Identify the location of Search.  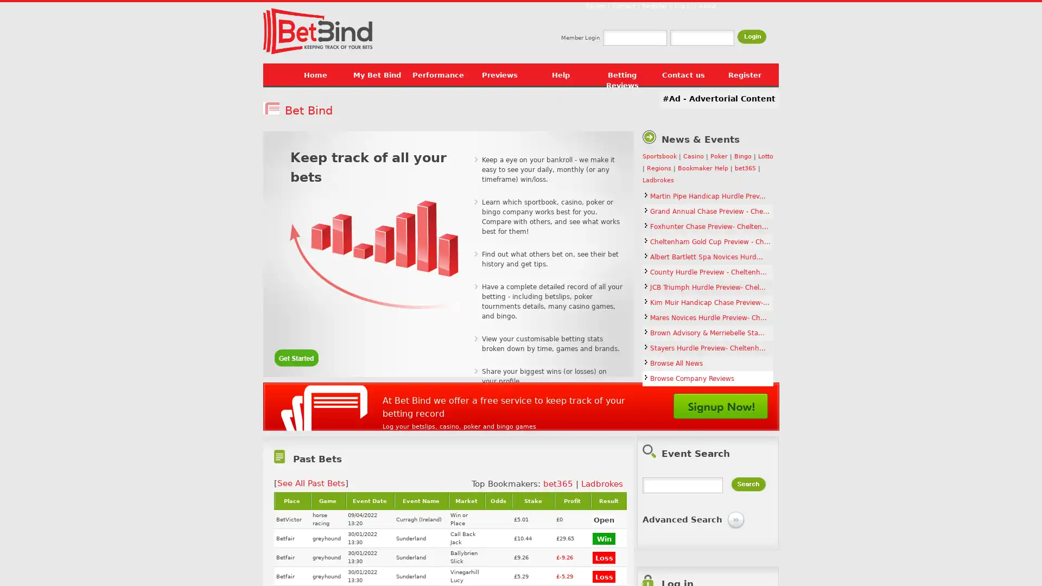
(748, 483).